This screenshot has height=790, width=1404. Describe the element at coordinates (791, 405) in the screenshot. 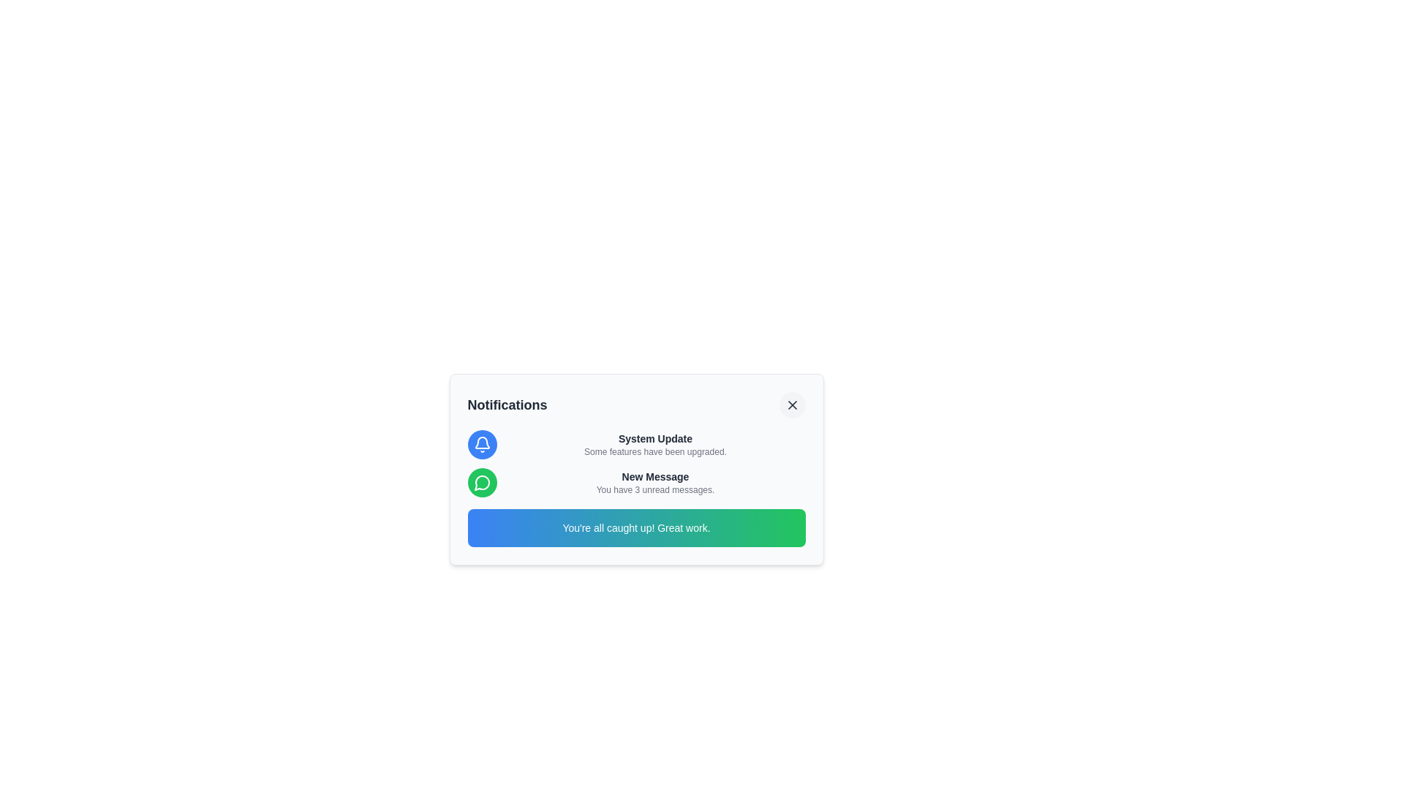

I see `the circular gray button with an 'X' icon in the top-right corner of the notification card` at that location.